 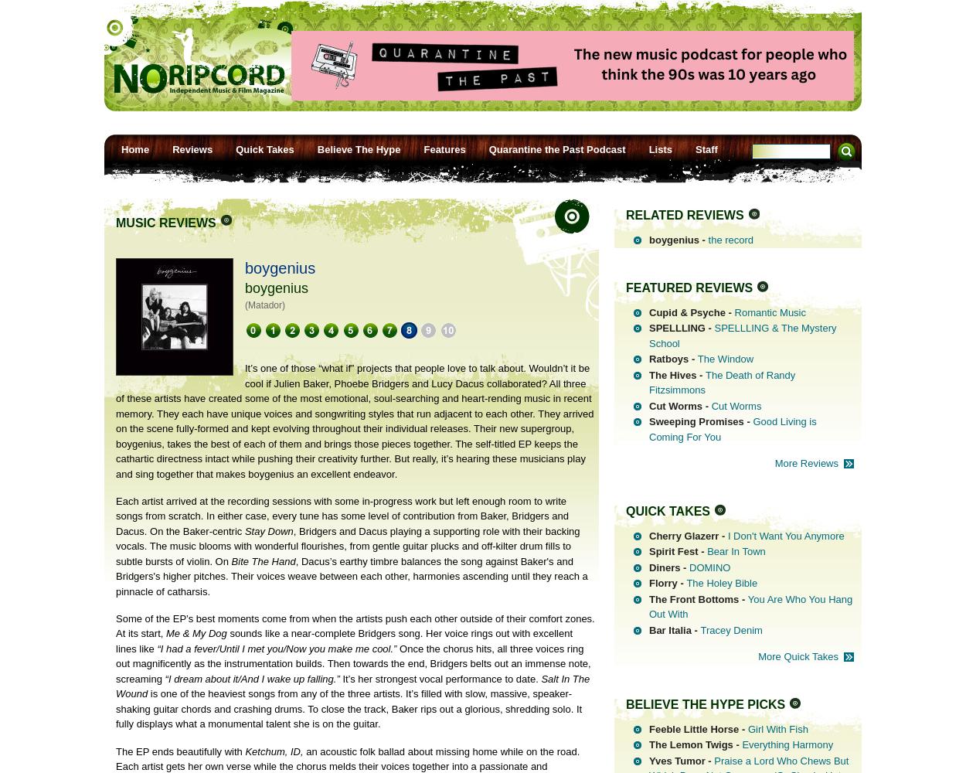 What do you see at coordinates (440, 678) in the screenshot?
I see `'It’s her strongest vocal performance to date.'` at bounding box center [440, 678].